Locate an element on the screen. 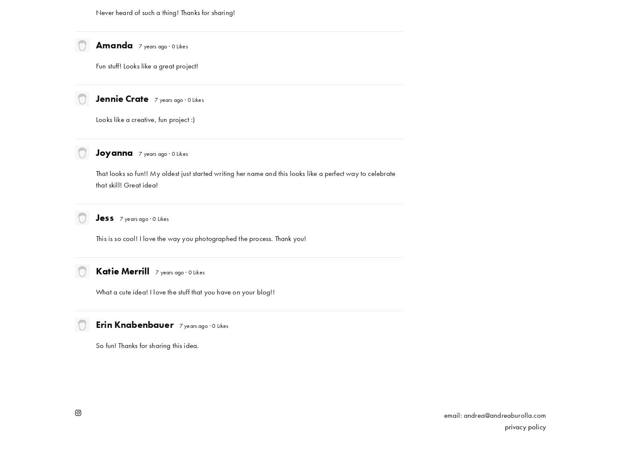  'That looks so fun!! My oldest just started writing her name and this looks like a perfect way to celebrate that skill! Great idea!' is located at coordinates (245, 178).